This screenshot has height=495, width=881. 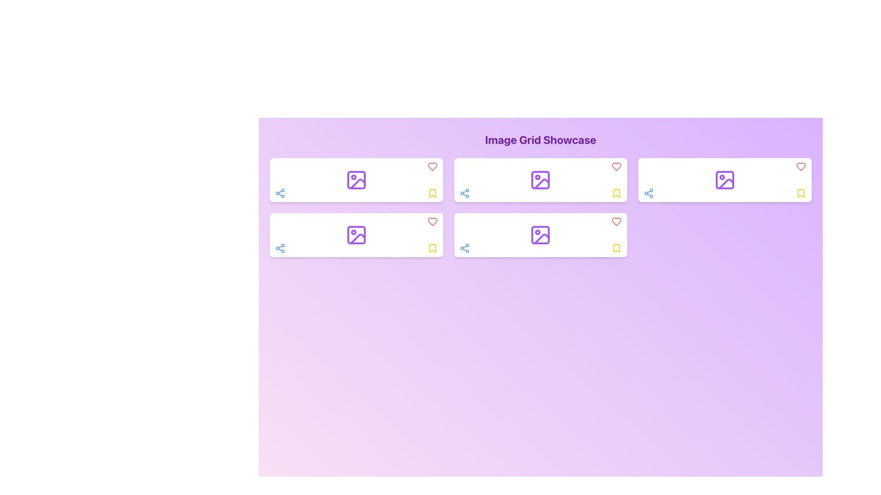 I want to click on the red heart icon button located, so click(x=432, y=166).